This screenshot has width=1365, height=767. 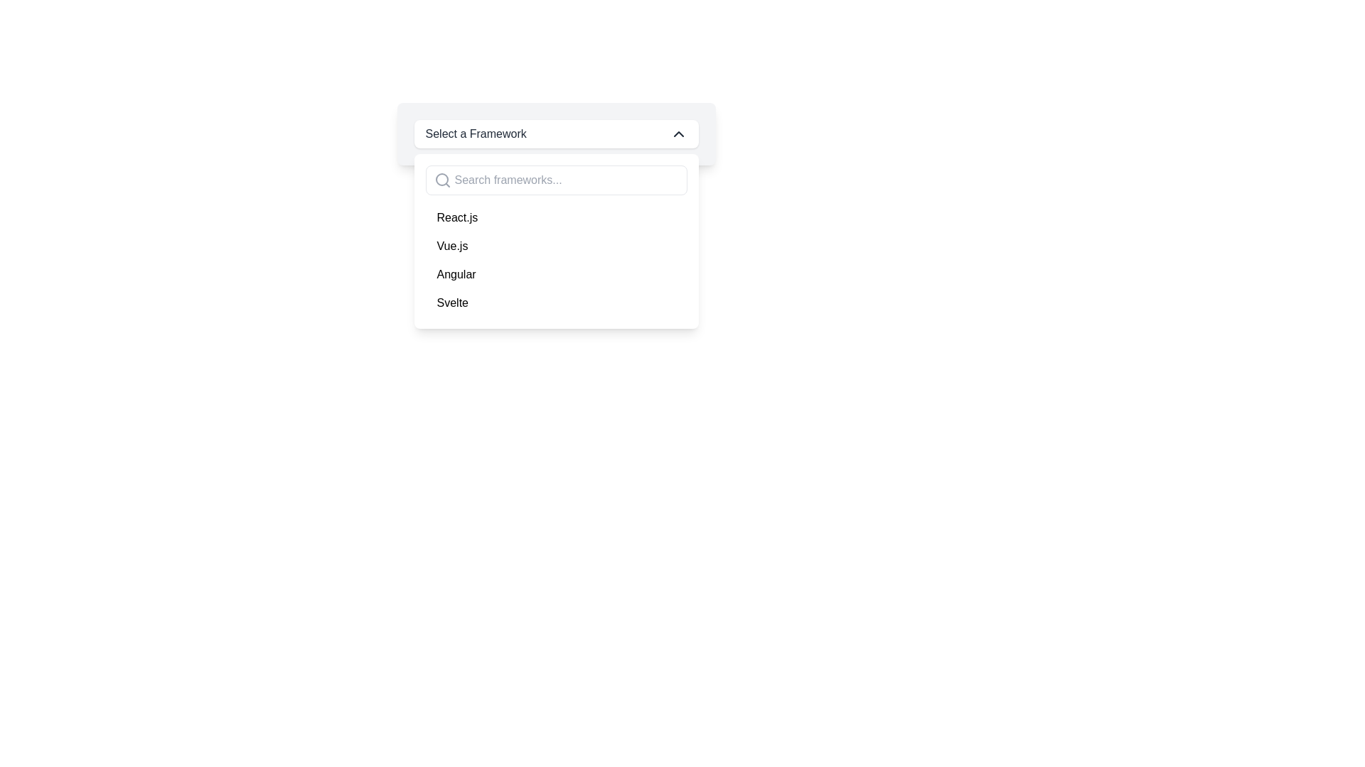 What do you see at coordinates (441, 179) in the screenshot?
I see `the circular graphical component of the magnifying glass icon located to the left of the input field labeled 'Search frameworks...'` at bounding box center [441, 179].